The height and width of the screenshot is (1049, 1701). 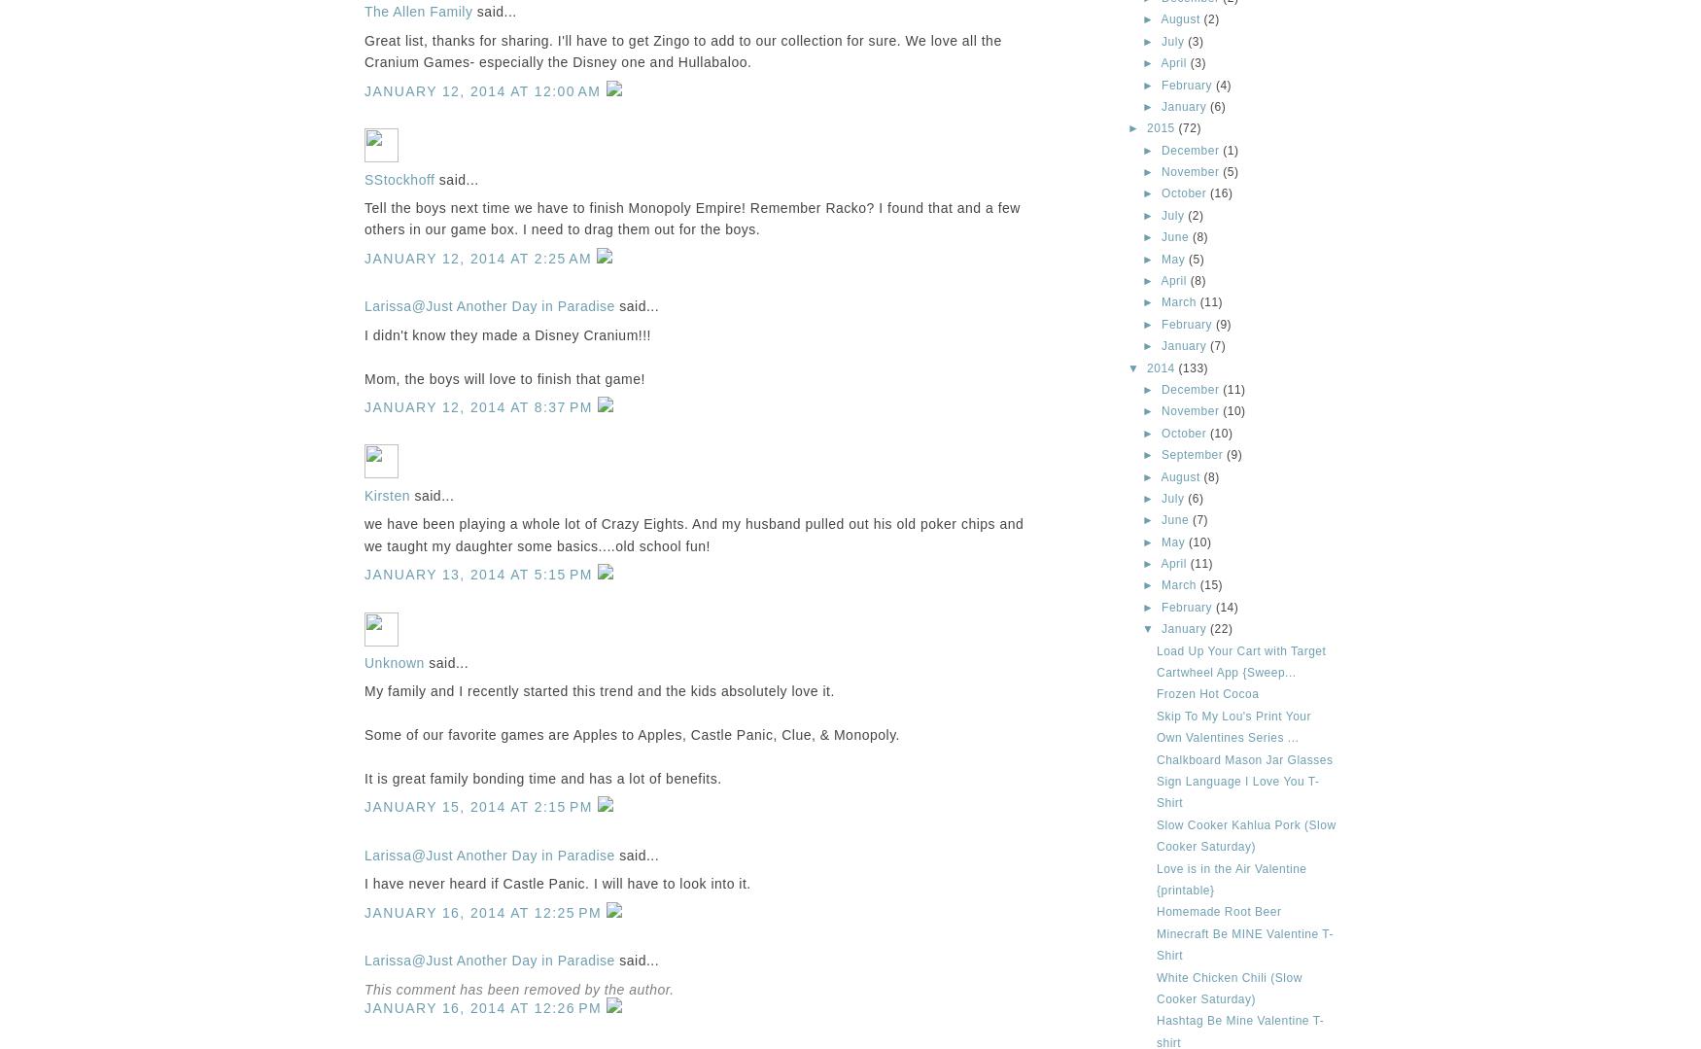 What do you see at coordinates (1157, 943) in the screenshot?
I see `'Minecraft Be MINE Valentine T-Shirt'` at bounding box center [1157, 943].